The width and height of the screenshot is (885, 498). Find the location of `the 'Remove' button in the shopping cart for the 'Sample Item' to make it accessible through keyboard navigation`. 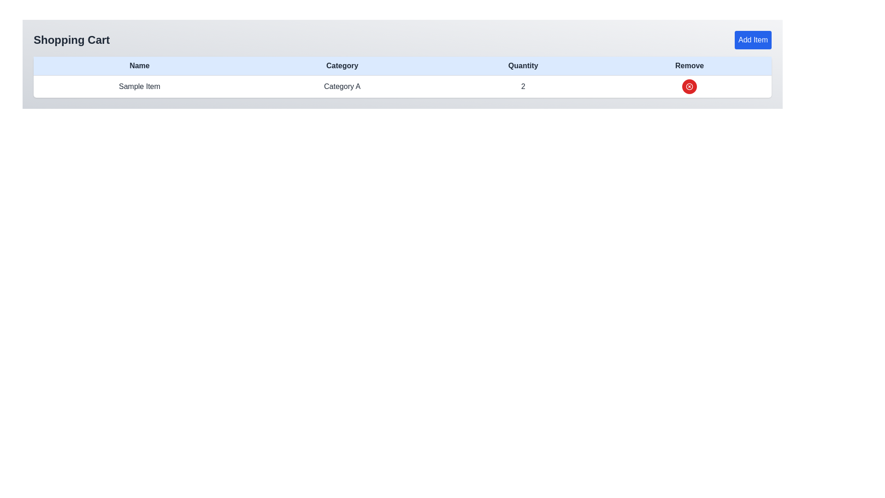

the 'Remove' button in the shopping cart for the 'Sample Item' to make it accessible through keyboard navigation is located at coordinates (690, 87).